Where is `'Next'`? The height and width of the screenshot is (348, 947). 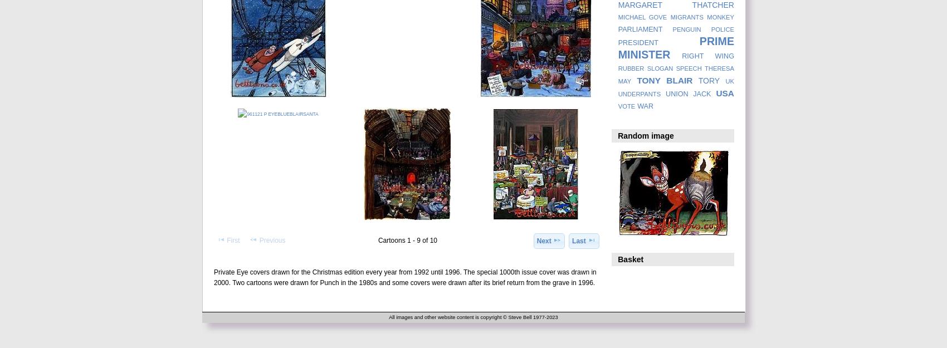
'Next' is located at coordinates (543, 240).